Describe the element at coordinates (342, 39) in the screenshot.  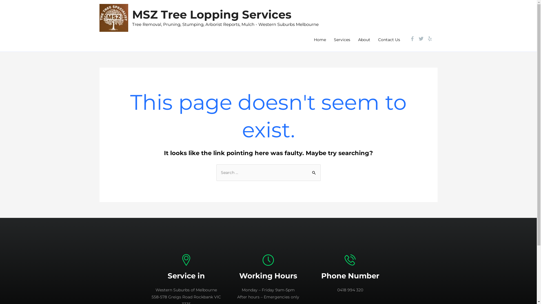
I see `'Services'` at that location.